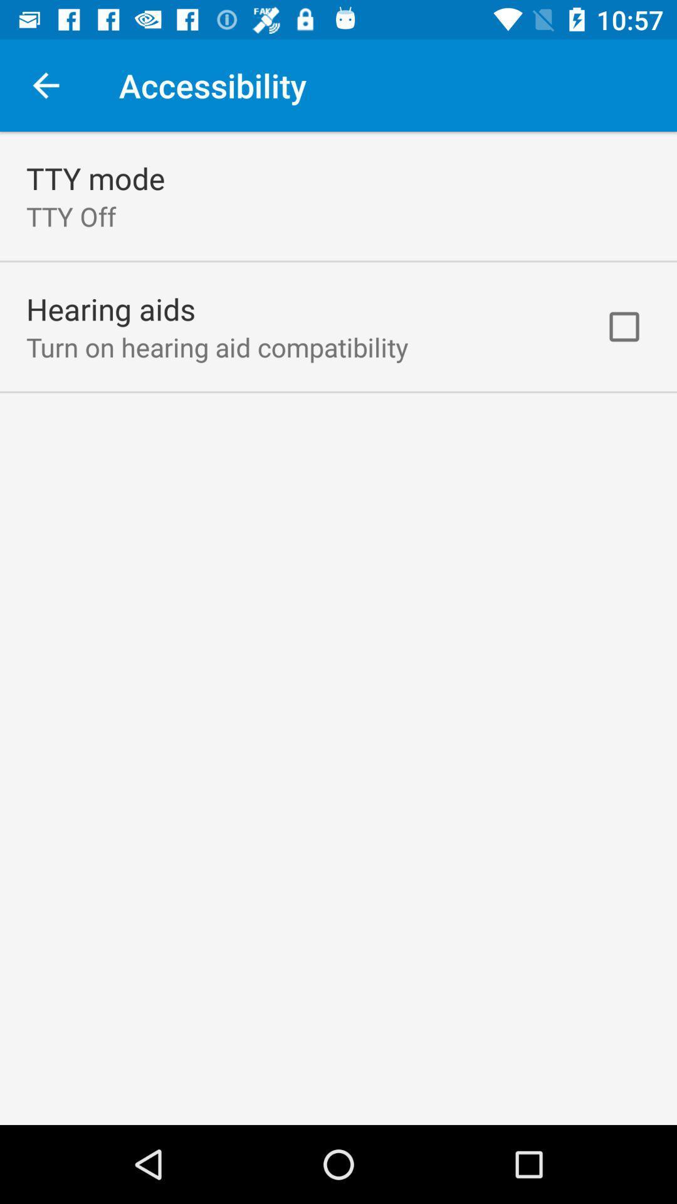 The width and height of the screenshot is (677, 1204). I want to click on hearing aids, so click(110, 309).